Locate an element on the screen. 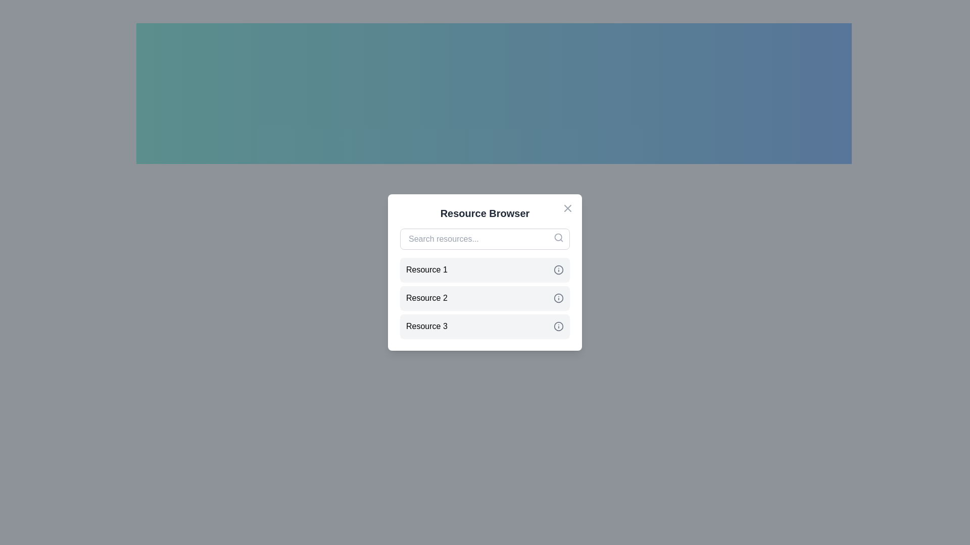 This screenshot has height=545, width=970. the first selectable resource option in the vertical list within the modal window, which displays detailed information about 'Resource 1' is located at coordinates (485, 269).